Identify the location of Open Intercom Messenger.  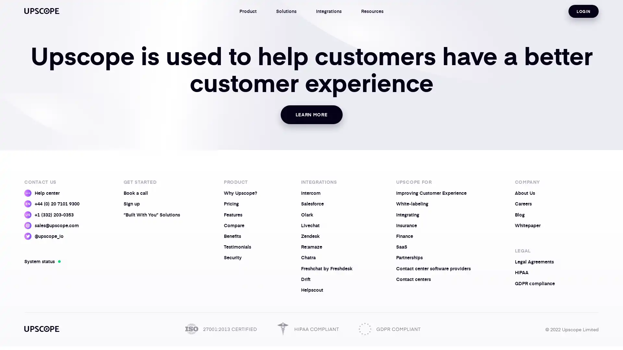
(606, 333).